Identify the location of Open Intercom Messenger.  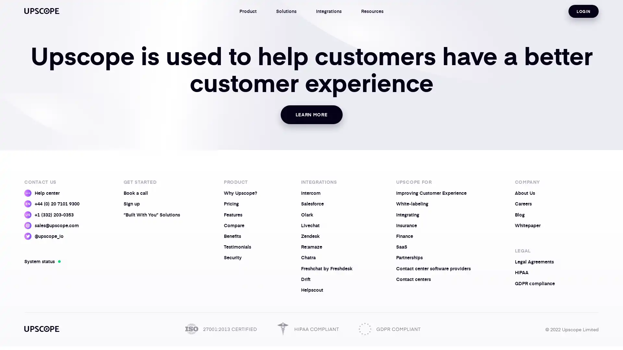
(606, 333).